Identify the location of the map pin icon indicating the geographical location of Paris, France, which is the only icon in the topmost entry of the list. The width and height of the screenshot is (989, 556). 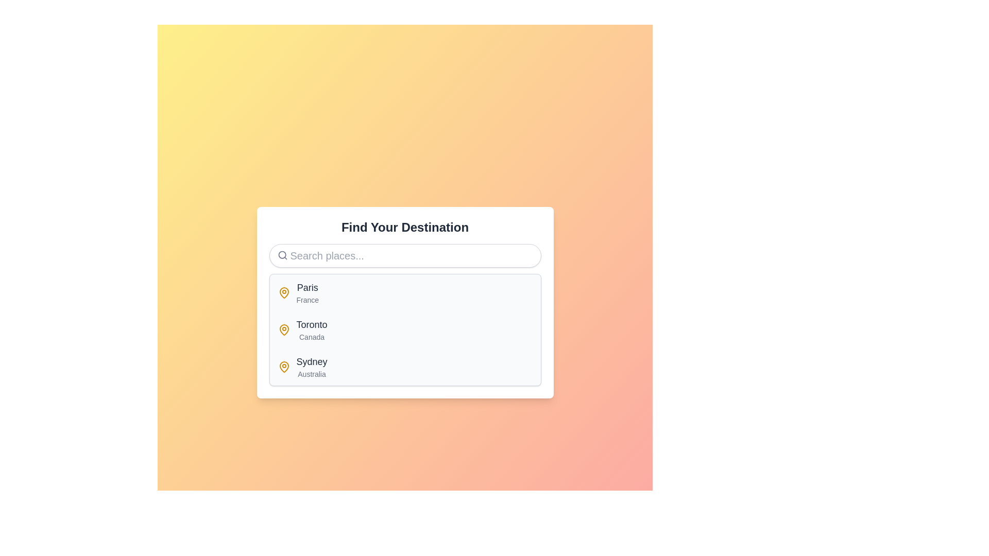
(284, 293).